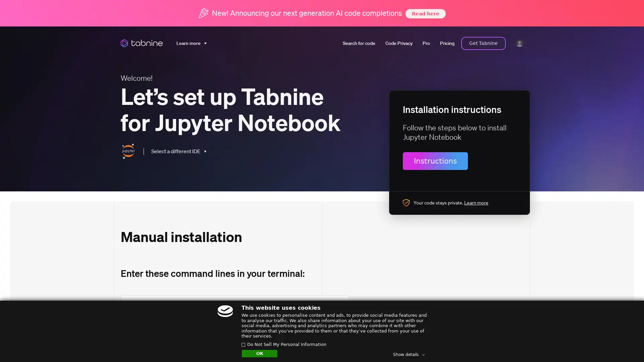  I want to click on Read here, so click(425, 13).